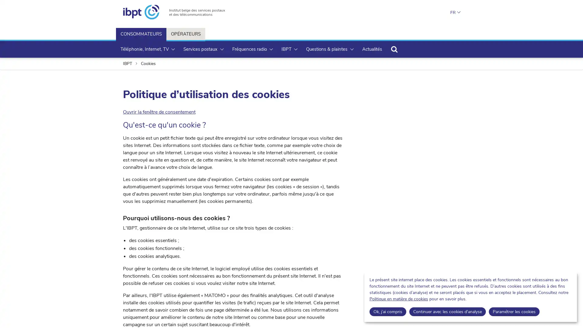  I want to click on Continuer avec les cookies d'analyse, so click(447, 312).